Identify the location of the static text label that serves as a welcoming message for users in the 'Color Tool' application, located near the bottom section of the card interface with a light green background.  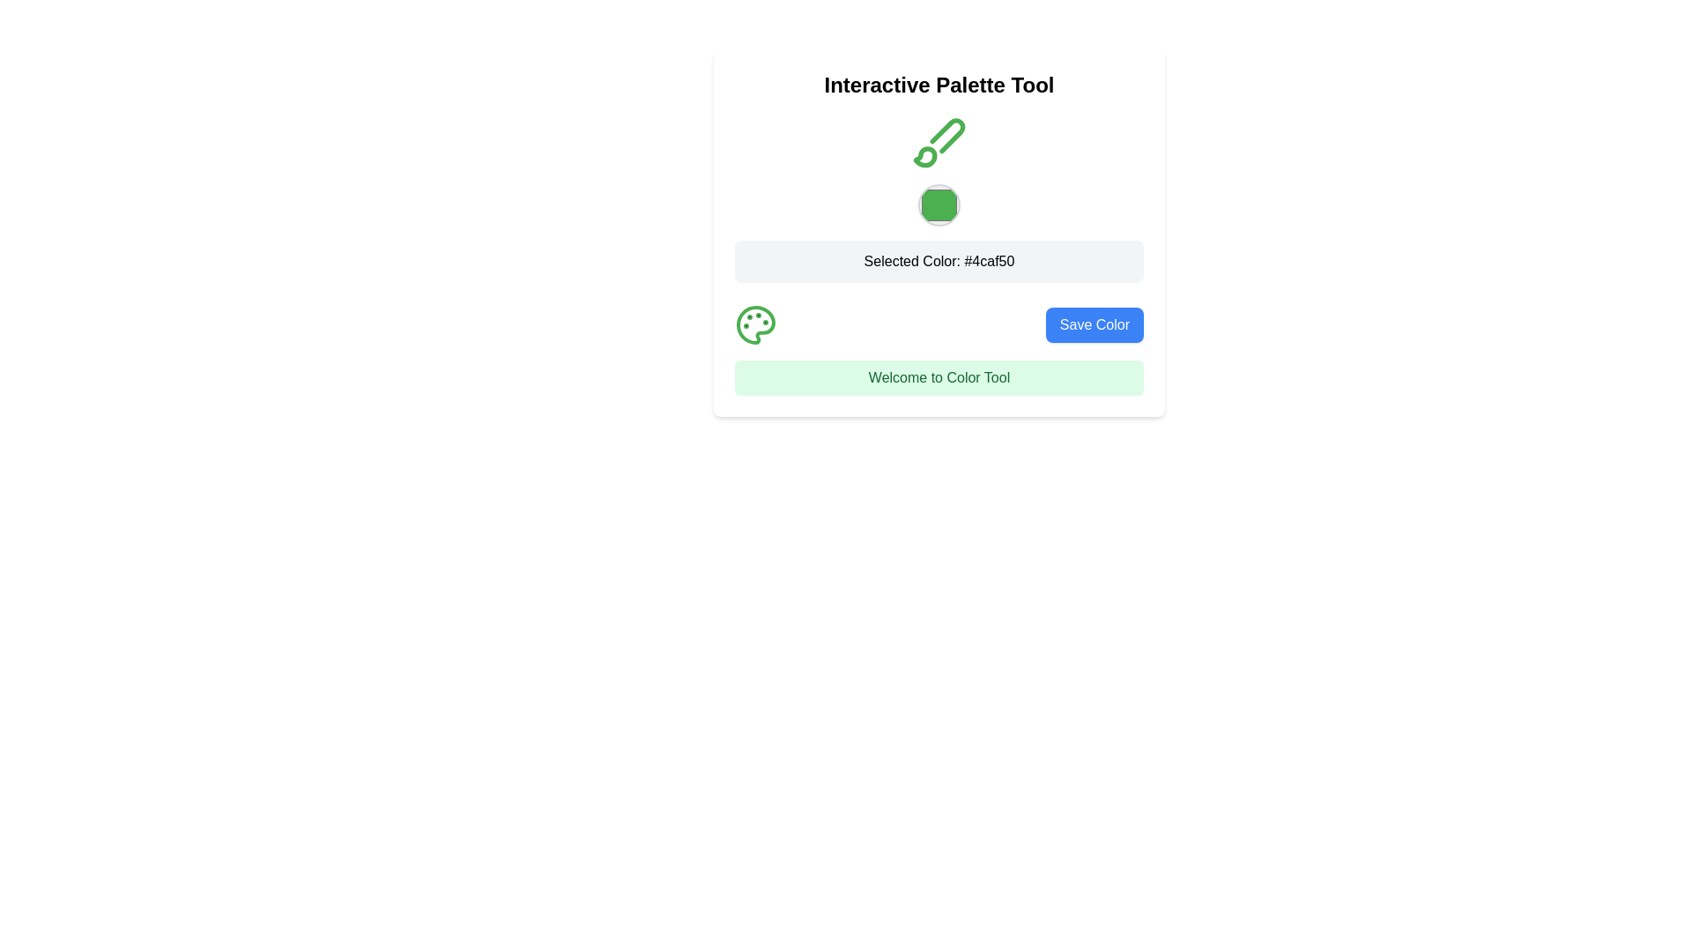
(938, 376).